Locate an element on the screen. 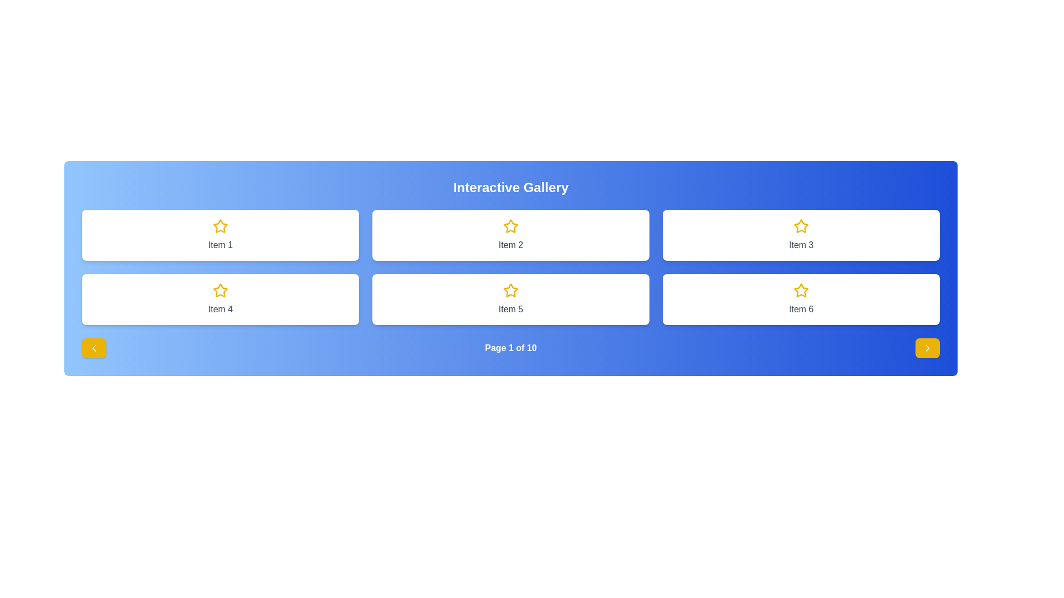 This screenshot has height=598, width=1064. the text element that labels an item in the gallery, located in the second column of the top row in the grid layout is located at coordinates (510, 245).